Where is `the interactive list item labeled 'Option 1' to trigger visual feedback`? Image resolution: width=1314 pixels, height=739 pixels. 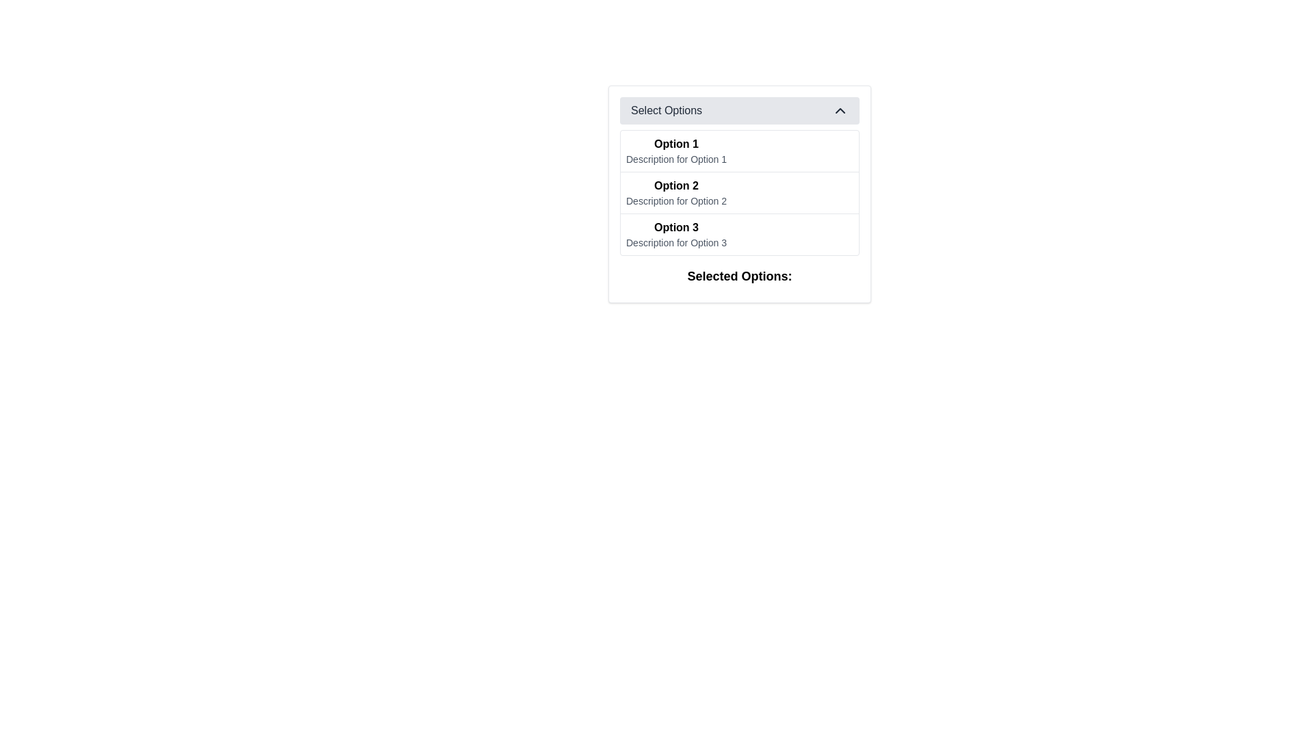 the interactive list item labeled 'Option 1' to trigger visual feedback is located at coordinates (738, 151).